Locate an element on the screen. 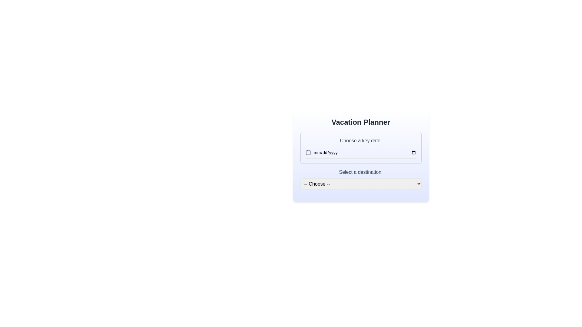 This screenshot has height=327, width=582. the textual label that says 'Select a destination:' which is styled with a medium-weight font and gray color, located below the 'Choose a key date:' section and above the dropdown menu labeled '-- Choose --' is located at coordinates (361, 172).